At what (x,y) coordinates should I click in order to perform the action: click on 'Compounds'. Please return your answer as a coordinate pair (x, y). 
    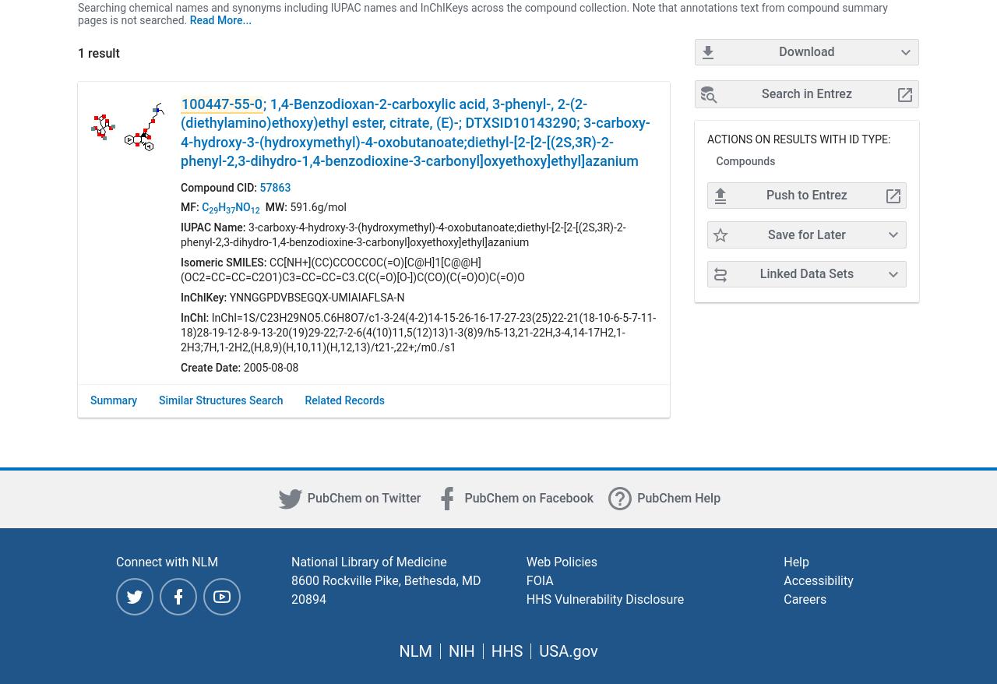
    Looking at the image, I should click on (745, 159).